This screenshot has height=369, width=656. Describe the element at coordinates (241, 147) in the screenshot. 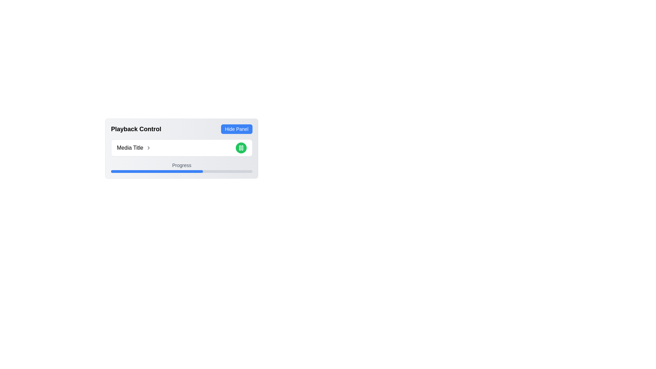

I see `the circular green button with a white pause icon located to the right of the text 'Media Title >'` at that location.